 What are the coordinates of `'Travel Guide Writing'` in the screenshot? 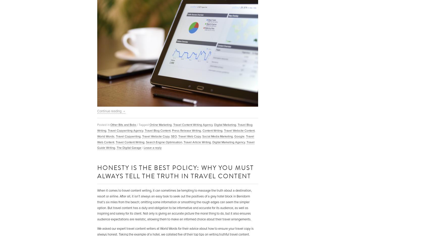 It's located at (97, 144).